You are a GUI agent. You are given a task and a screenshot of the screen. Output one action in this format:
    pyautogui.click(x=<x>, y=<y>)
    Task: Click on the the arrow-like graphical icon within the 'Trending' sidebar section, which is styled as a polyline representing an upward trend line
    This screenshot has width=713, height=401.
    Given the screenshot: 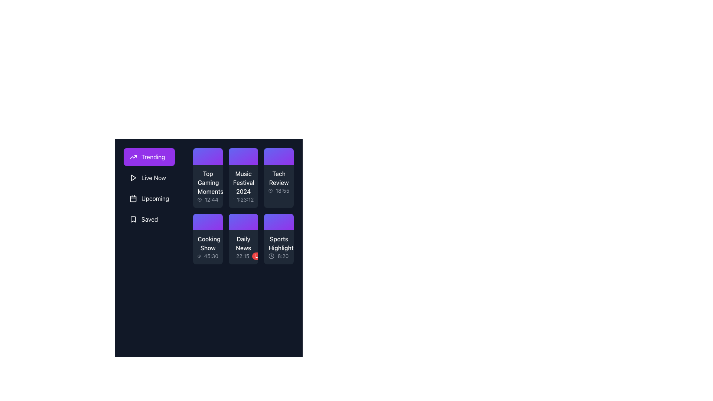 What is the action you would take?
    pyautogui.click(x=133, y=157)
    